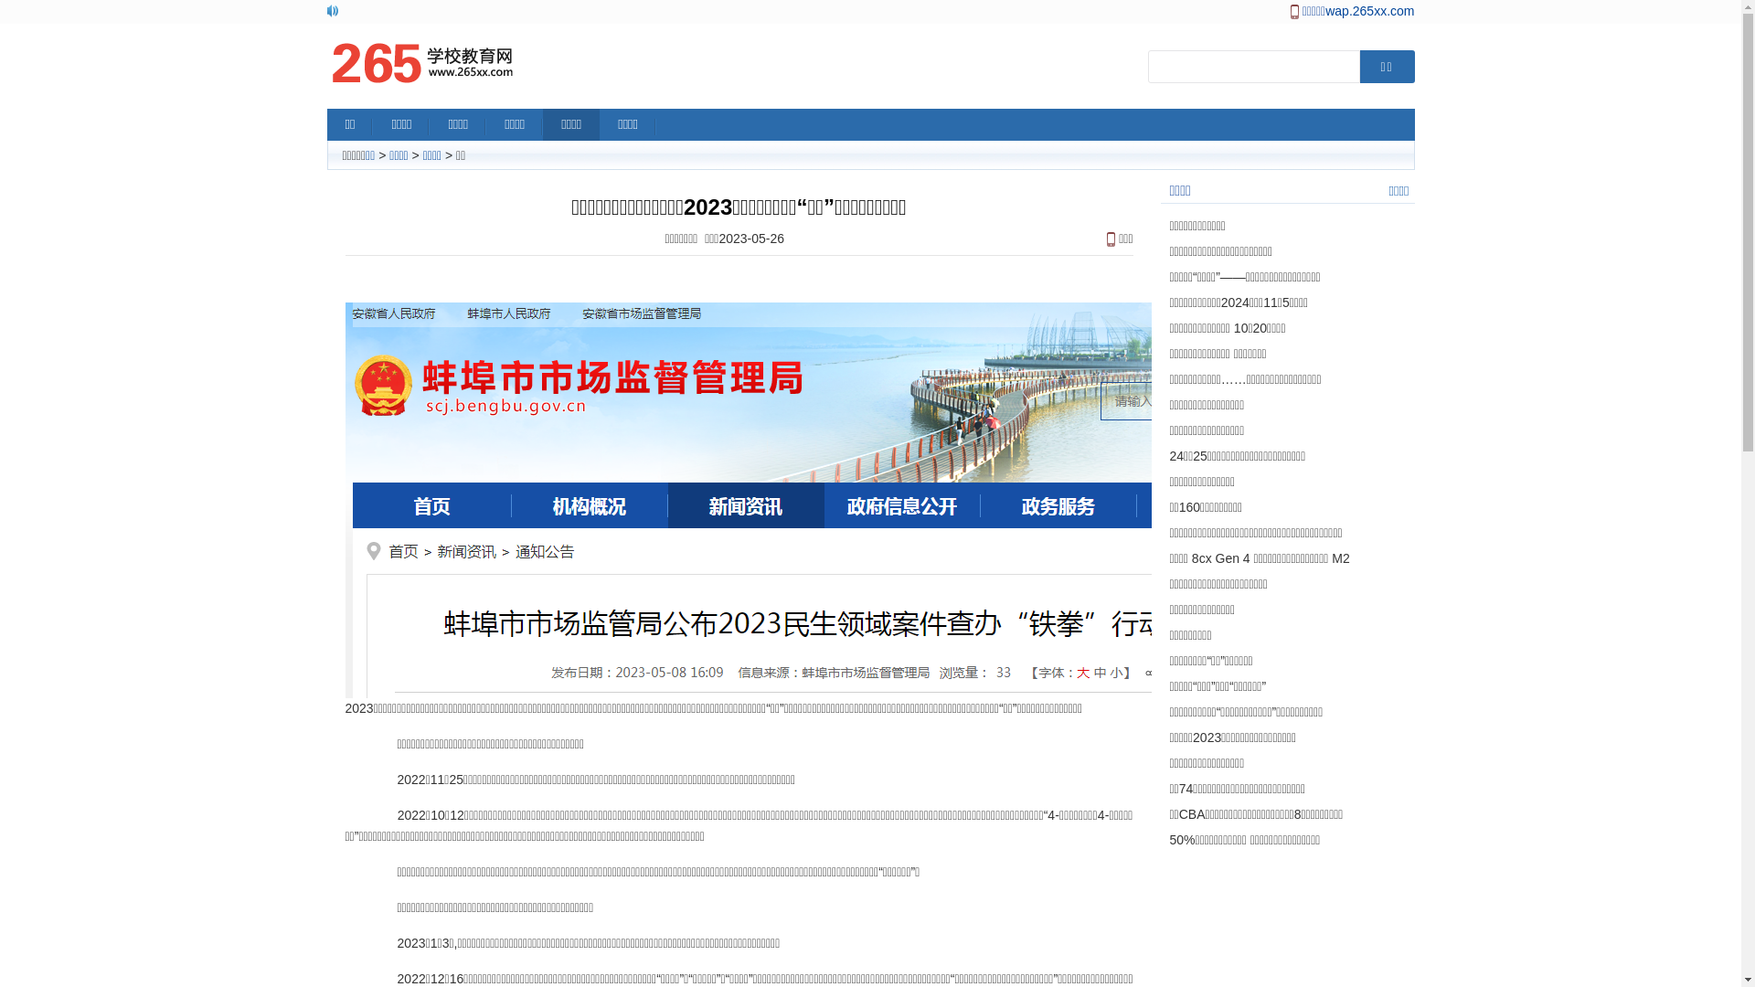  Describe the element at coordinates (1369, 10) in the screenshot. I see `'wap.265xx.com'` at that location.